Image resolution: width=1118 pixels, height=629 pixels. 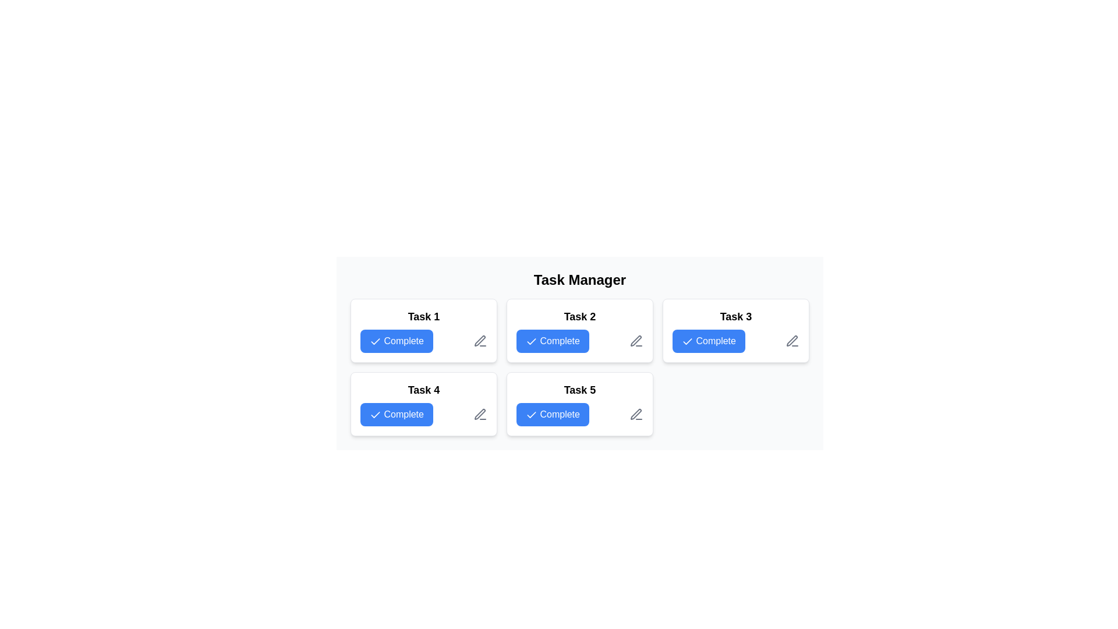 I want to click on the button located in the lower-left section of the task grid to mark 'Task 4' as complete, so click(x=397, y=414).